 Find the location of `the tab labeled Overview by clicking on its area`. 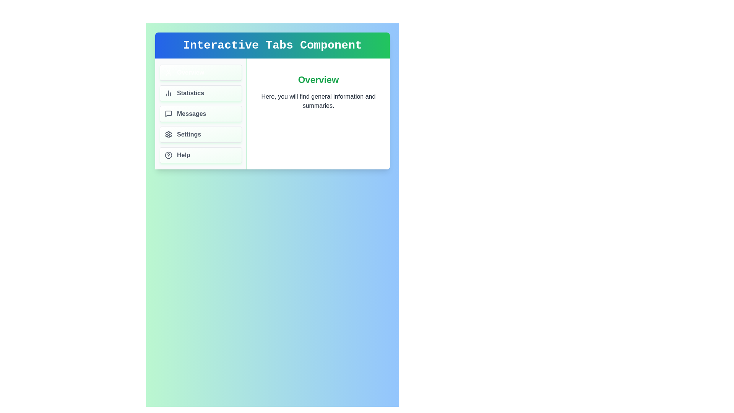

the tab labeled Overview by clicking on its area is located at coordinates (201, 72).